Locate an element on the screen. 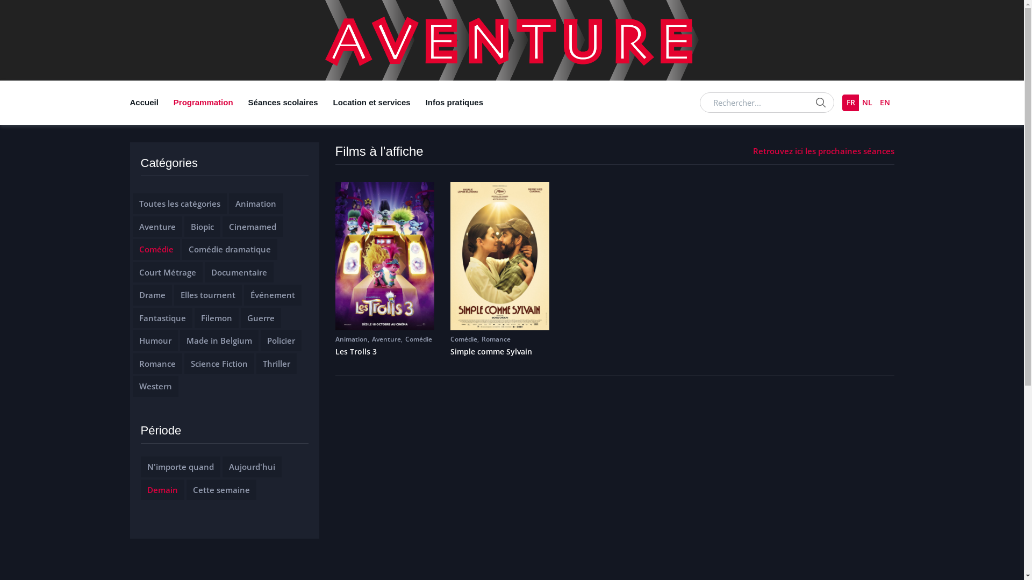  'Guerre' is located at coordinates (247, 317).